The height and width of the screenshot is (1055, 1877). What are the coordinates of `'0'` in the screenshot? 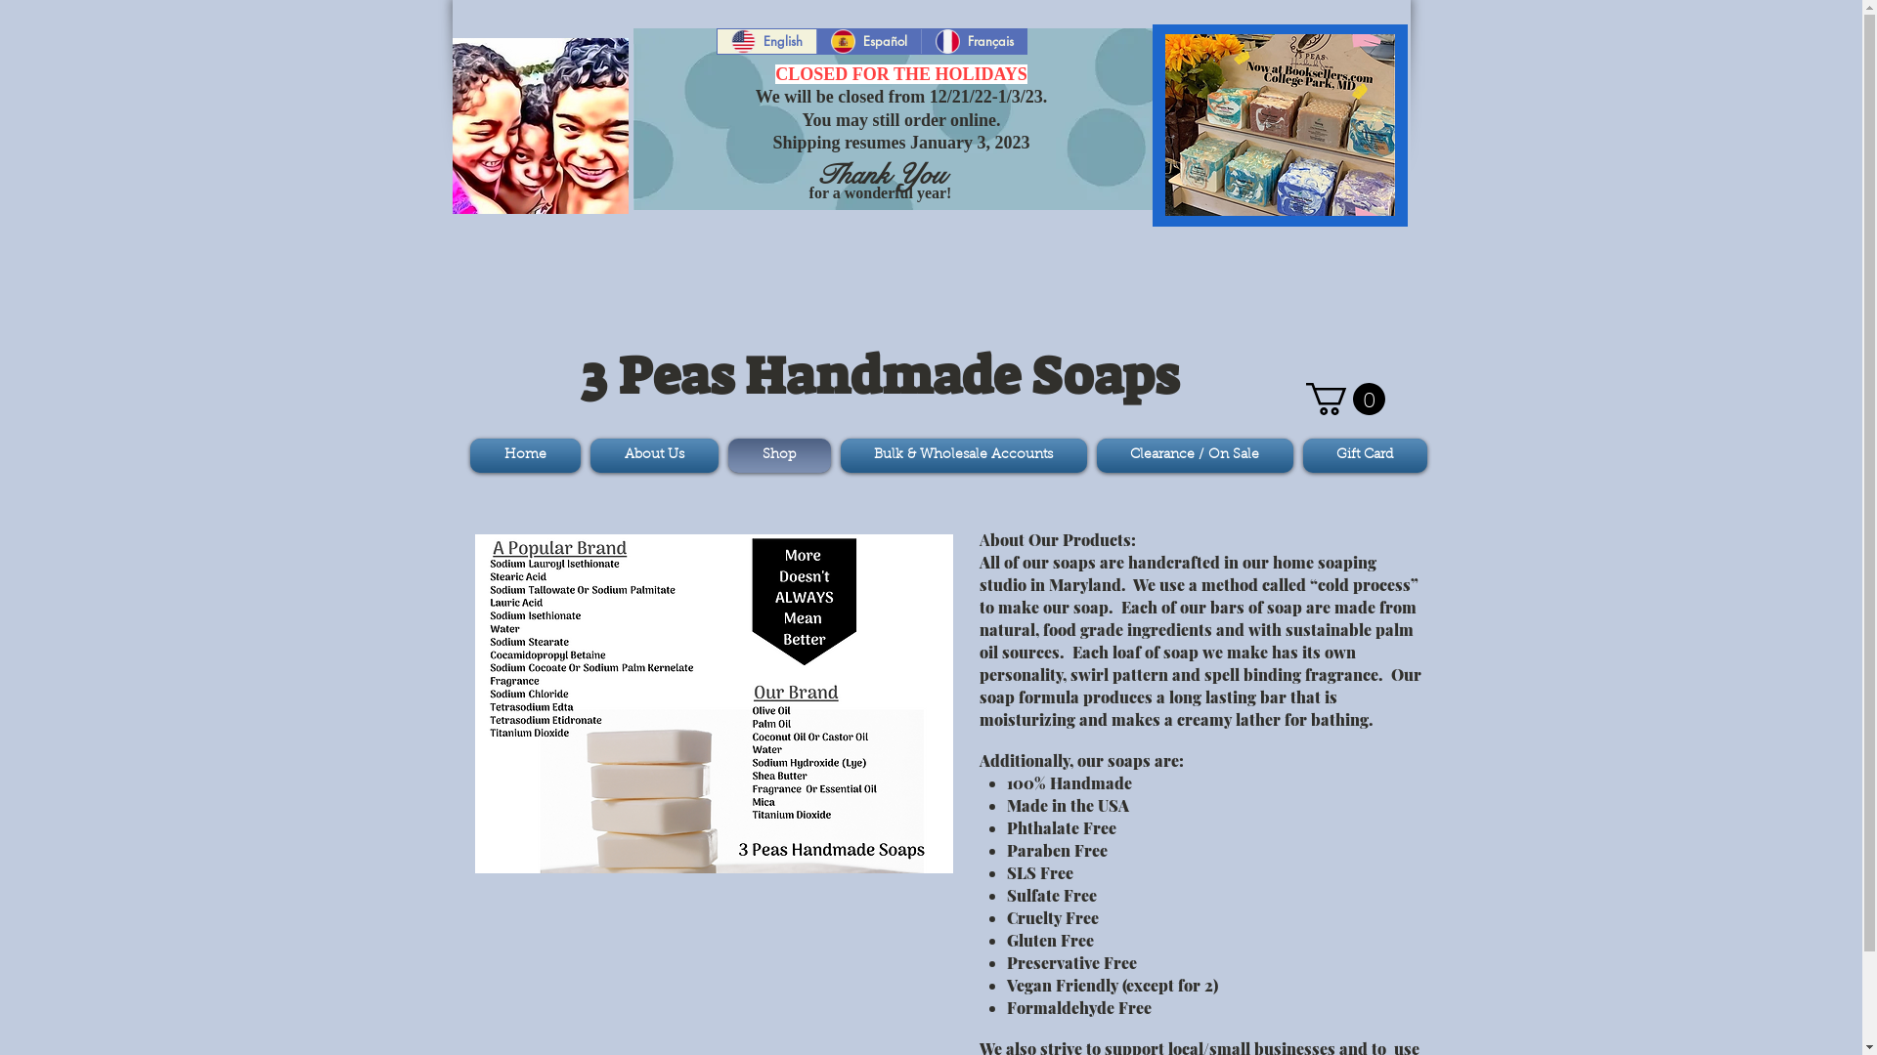 It's located at (1344, 398).